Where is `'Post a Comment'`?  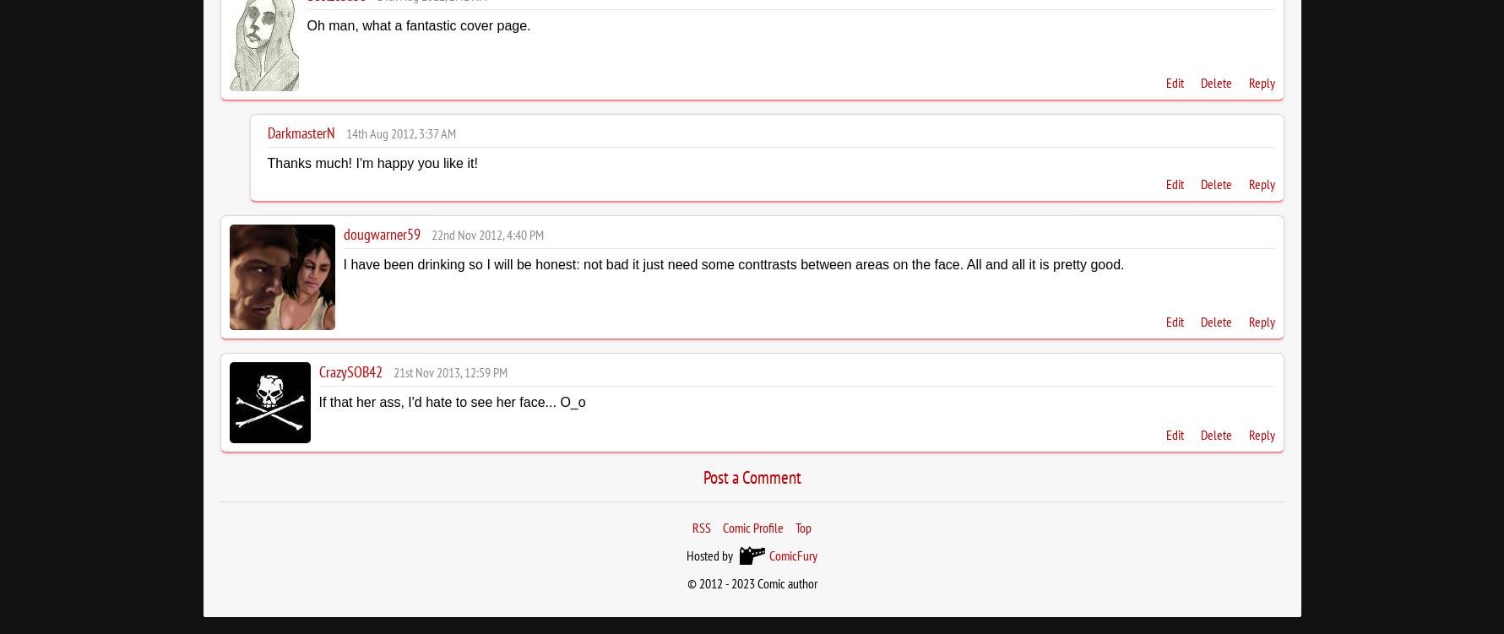
'Post a Comment' is located at coordinates (703, 476).